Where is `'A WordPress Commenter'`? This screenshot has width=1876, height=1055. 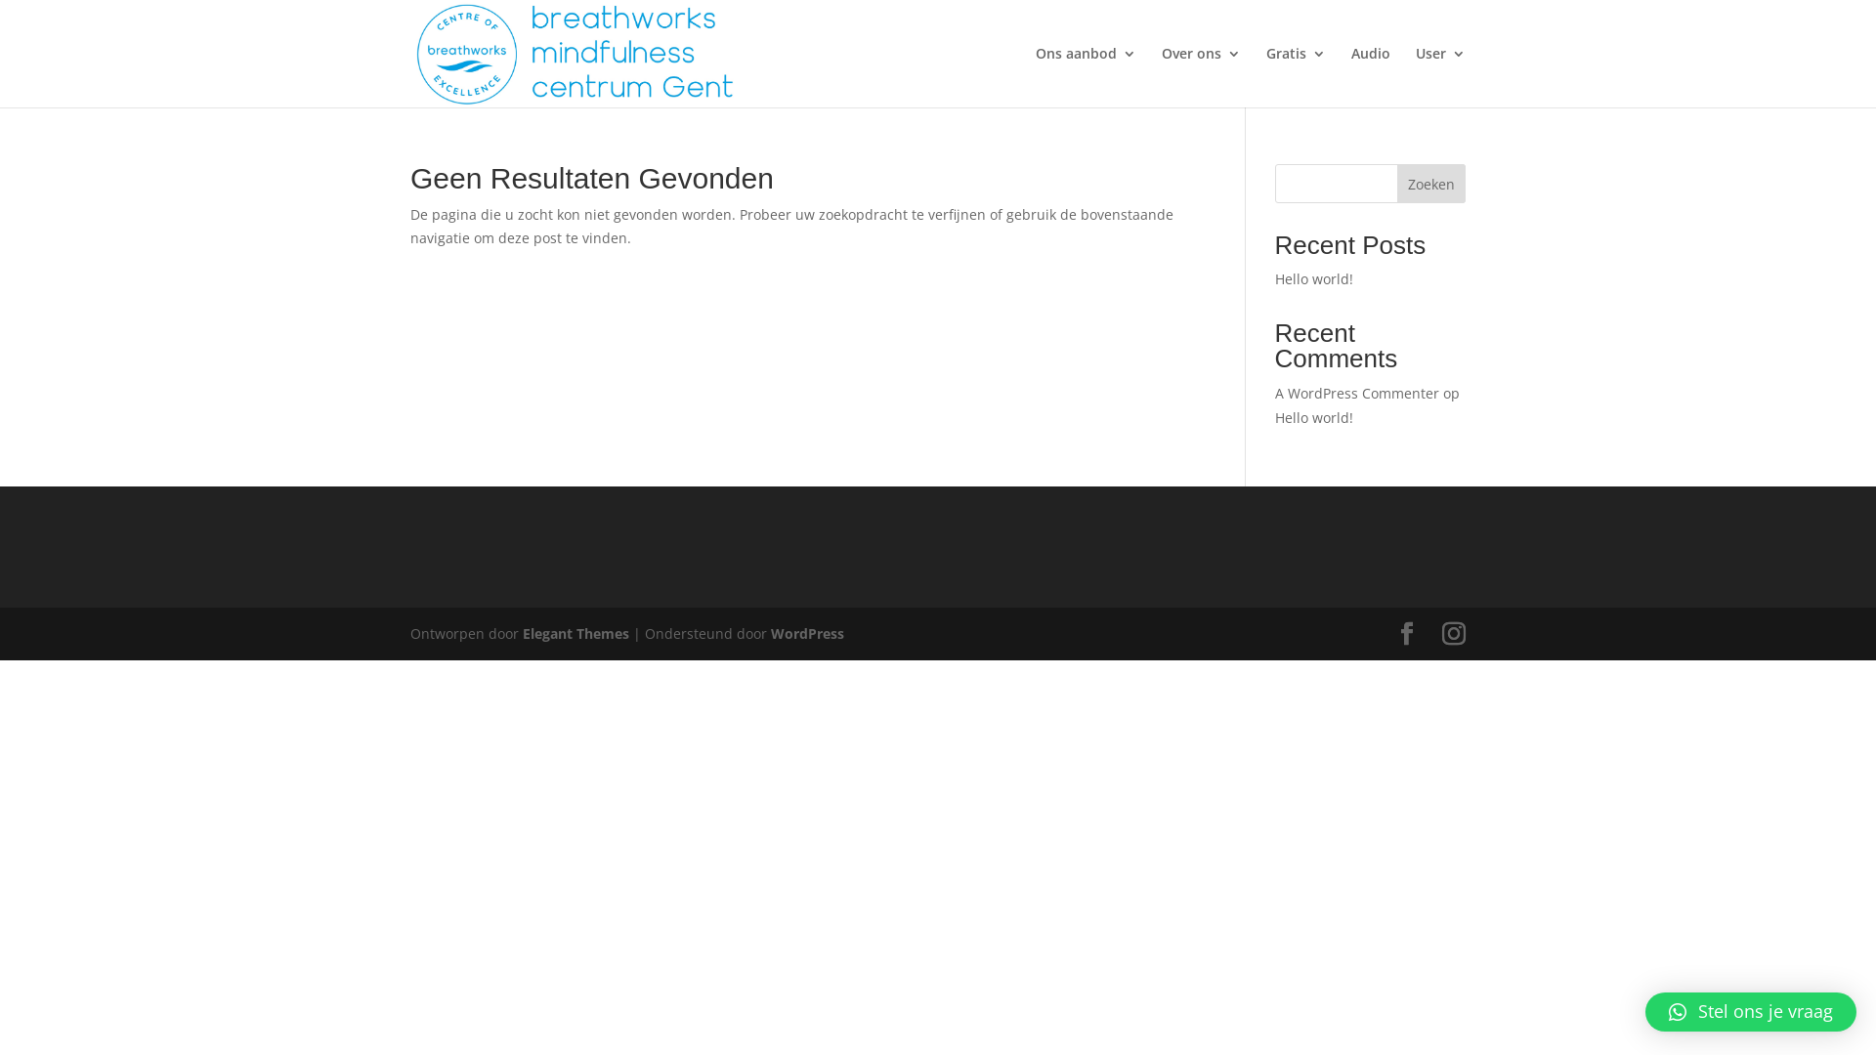 'A WordPress Commenter' is located at coordinates (1355, 393).